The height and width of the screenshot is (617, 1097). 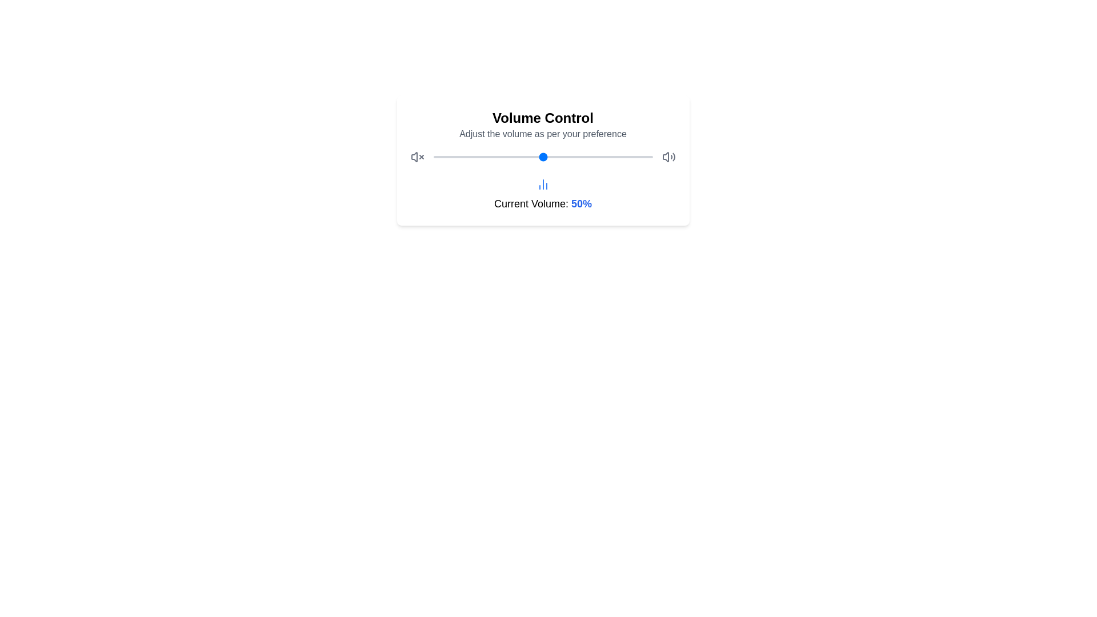 What do you see at coordinates (550, 157) in the screenshot?
I see `the volume slider to set the volume to 53%` at bounding box center [550, 157].